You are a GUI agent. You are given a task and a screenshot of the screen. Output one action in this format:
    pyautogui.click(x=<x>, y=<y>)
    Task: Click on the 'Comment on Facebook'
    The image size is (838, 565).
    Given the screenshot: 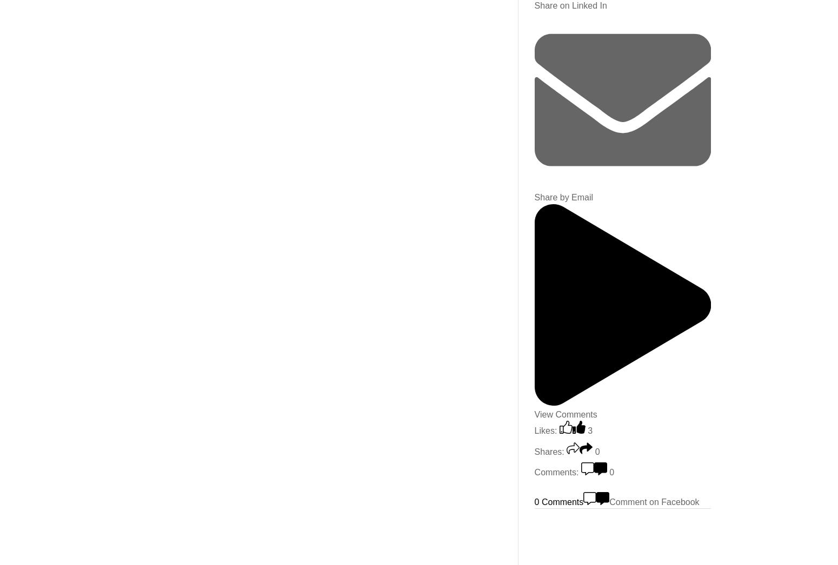 What is the action you would take?
    pyautogui.click(x=654, y=501)
    